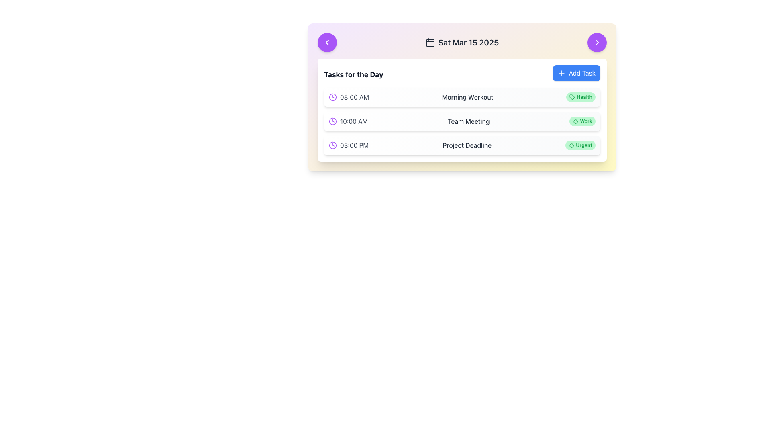 The width and height of the screenshot is (771, 434). Describe the element at coordinates (597, 42) in the screenshot. I see `the right-pointing chevron icon located within the circular purple button at the top-right corner of the main interface` at that location.